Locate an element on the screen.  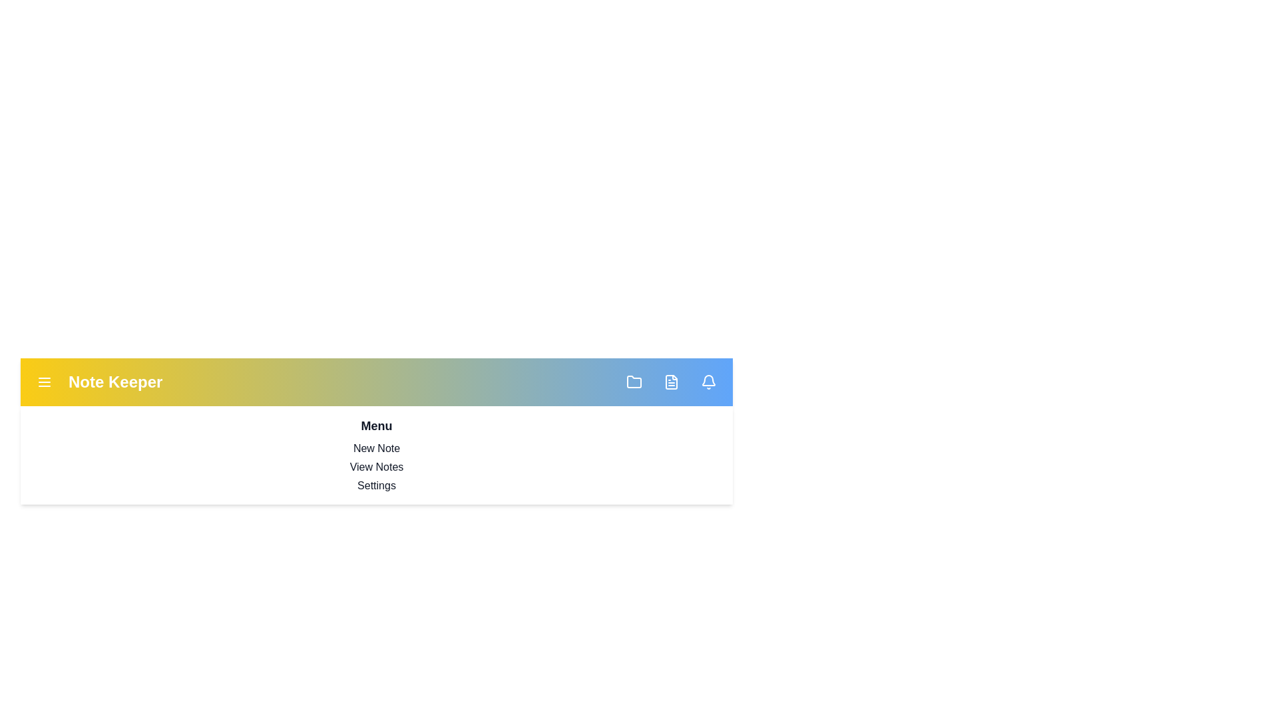
menu button to toggle the menu is located at coordinates (45, 382).